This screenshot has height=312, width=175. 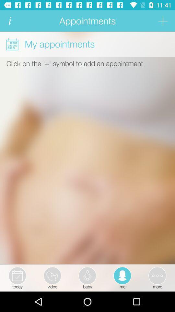 What do you see at coordinates (162, 21) in the screenshot?
I see `adds appointment` at bounding box center [162, 21].